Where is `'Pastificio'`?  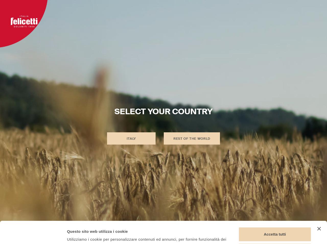
'Pastificio' is located at coordinates (136, 12).